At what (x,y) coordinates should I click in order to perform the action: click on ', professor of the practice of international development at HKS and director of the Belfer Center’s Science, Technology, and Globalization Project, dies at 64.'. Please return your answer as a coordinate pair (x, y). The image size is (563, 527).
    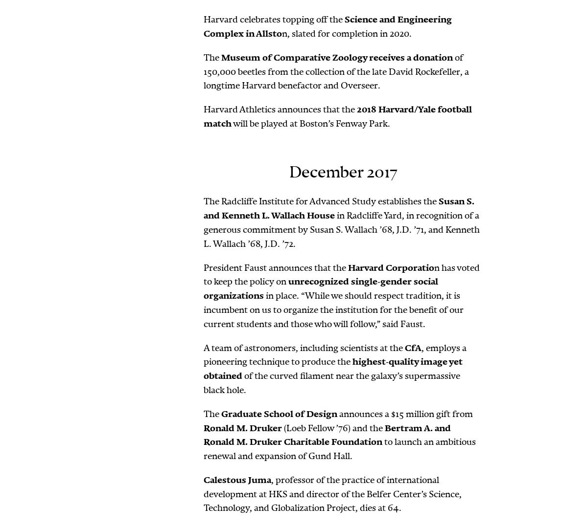
    Looking at the image, I should click on (332, 493).